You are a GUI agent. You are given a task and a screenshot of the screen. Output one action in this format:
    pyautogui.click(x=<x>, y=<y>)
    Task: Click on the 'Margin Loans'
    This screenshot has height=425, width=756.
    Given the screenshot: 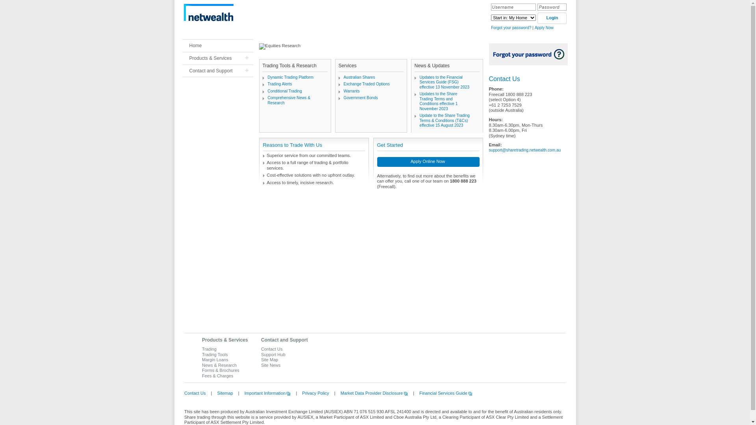 What is the action you would take?
    pyautogui.click(x=215, y=360)
    